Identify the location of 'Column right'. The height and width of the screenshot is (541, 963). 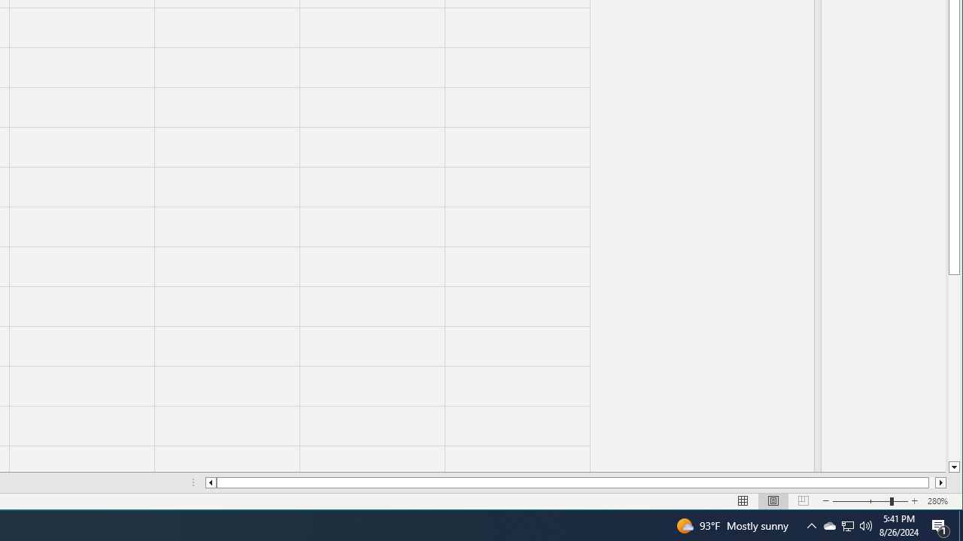
(940, 482).